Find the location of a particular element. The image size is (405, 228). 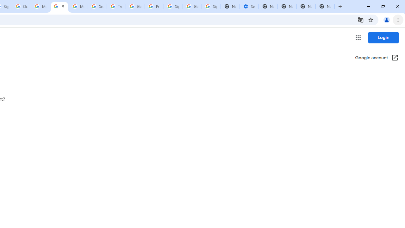

'Google Cybersecurity Innovations - Google Safety Center' is located at coordinates (192, 6).